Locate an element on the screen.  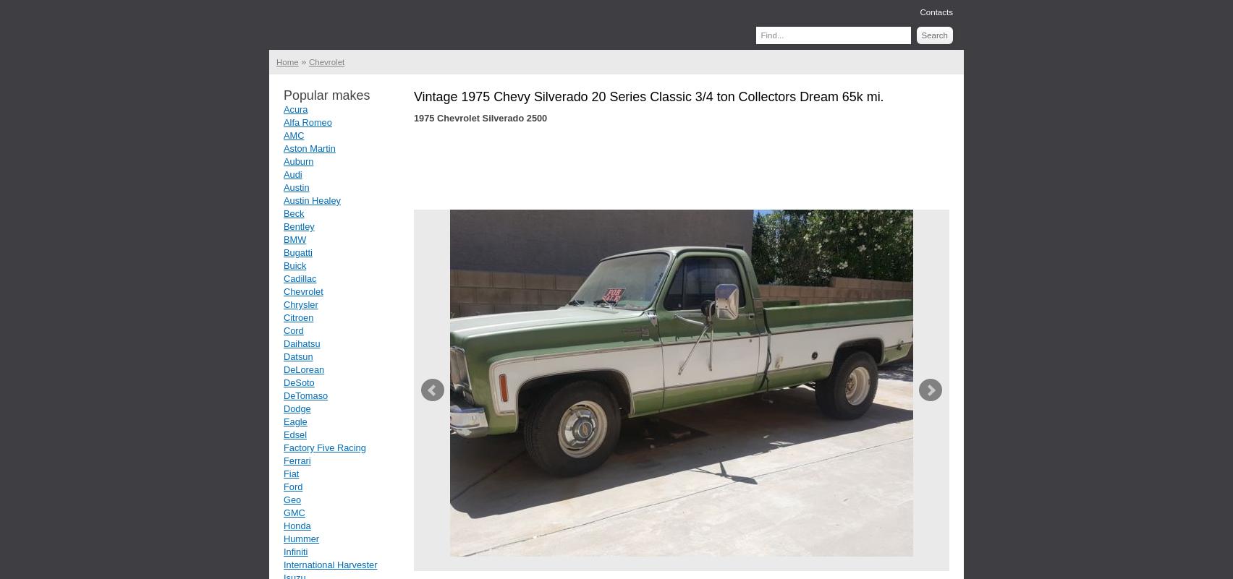
'Factory Five Racing' is located at coordinates (324, 447).